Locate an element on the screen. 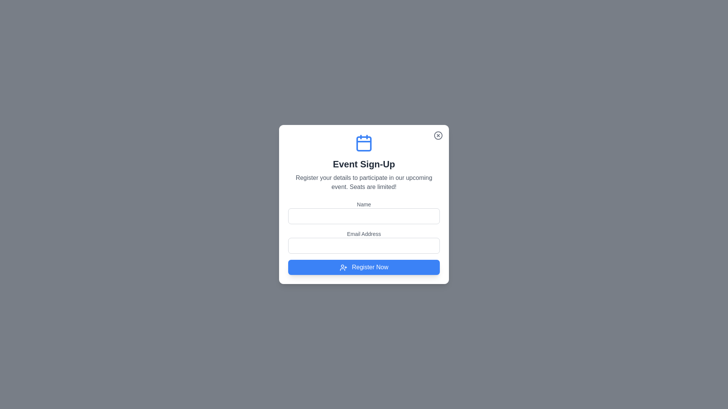 Image resolution: width=728 pixels, height=409 pixels. close button located in the top-right corner of the dialog is located at coordinates (438, 135).